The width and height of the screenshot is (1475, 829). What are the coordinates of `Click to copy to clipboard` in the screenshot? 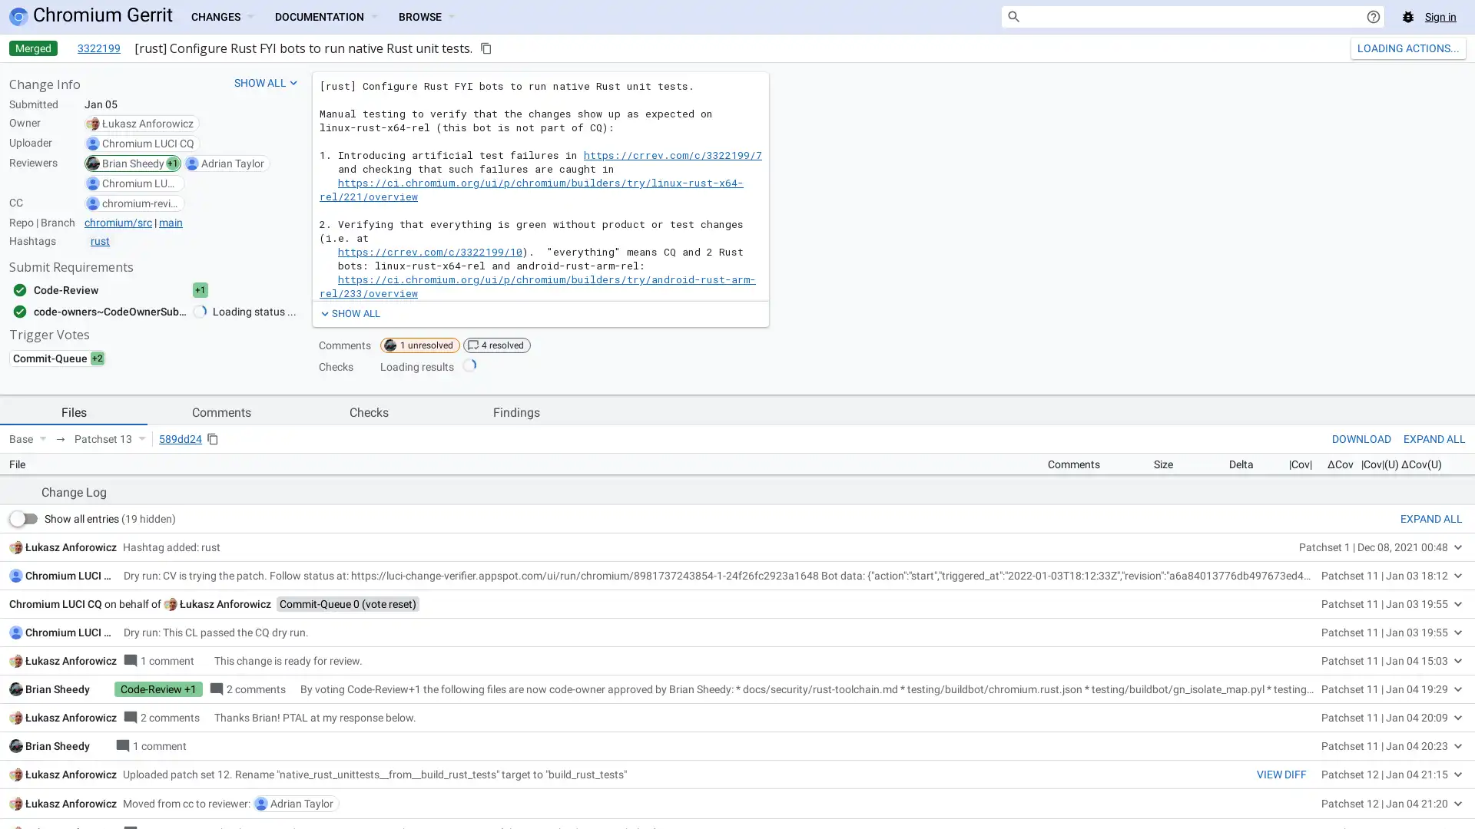 It's located at (486, 47).